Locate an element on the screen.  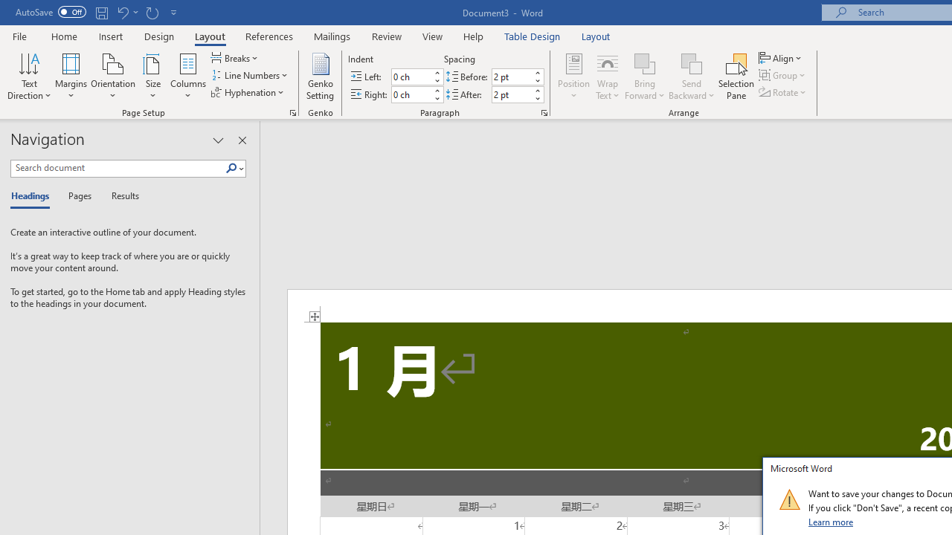
'Headings' is located at coordinates (33, 196).